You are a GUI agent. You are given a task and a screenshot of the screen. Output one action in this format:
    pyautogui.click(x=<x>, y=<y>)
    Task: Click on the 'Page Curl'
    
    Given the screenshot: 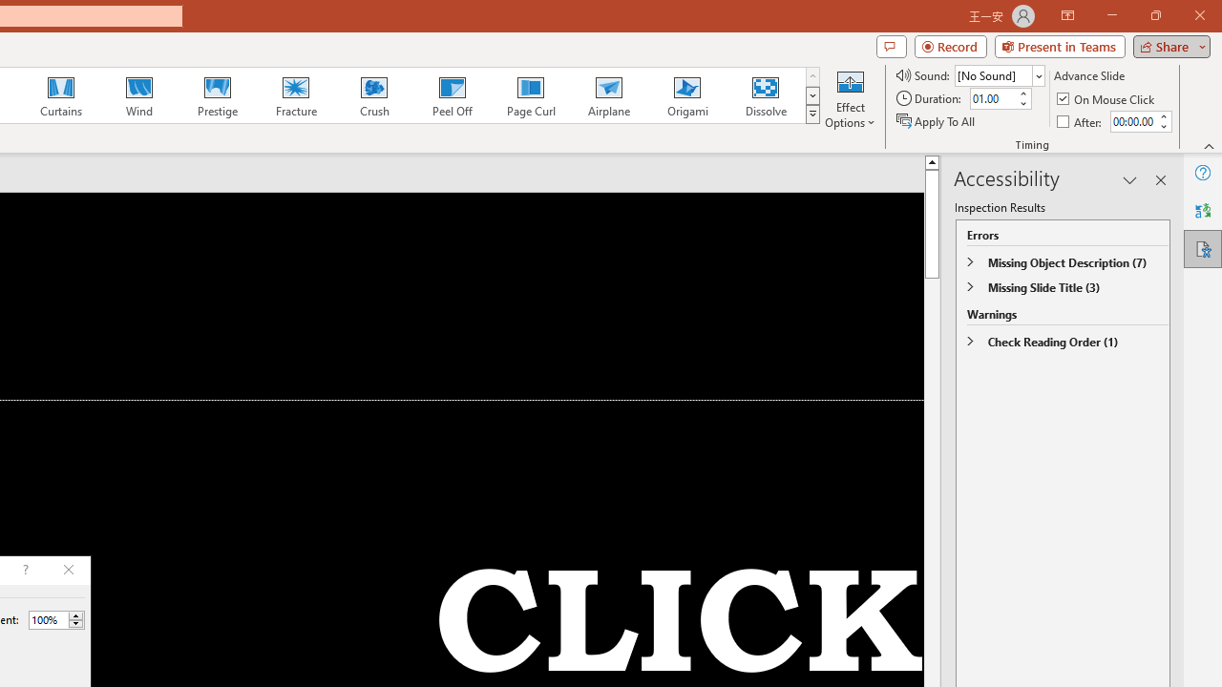 What is the action you would take?
    pyautogui.click(x=530, y=95)
    